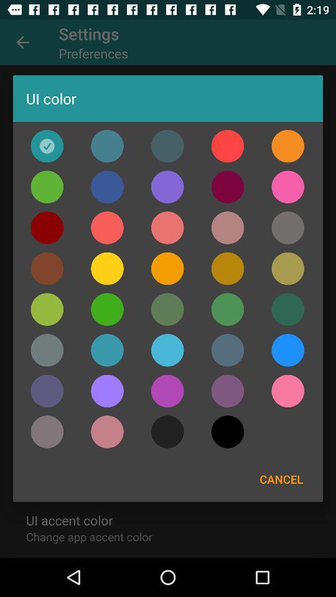  What do you see at coordinates (287, 186) in the screenshot?
I see `choose ui color` at bounding box center [287, 186].